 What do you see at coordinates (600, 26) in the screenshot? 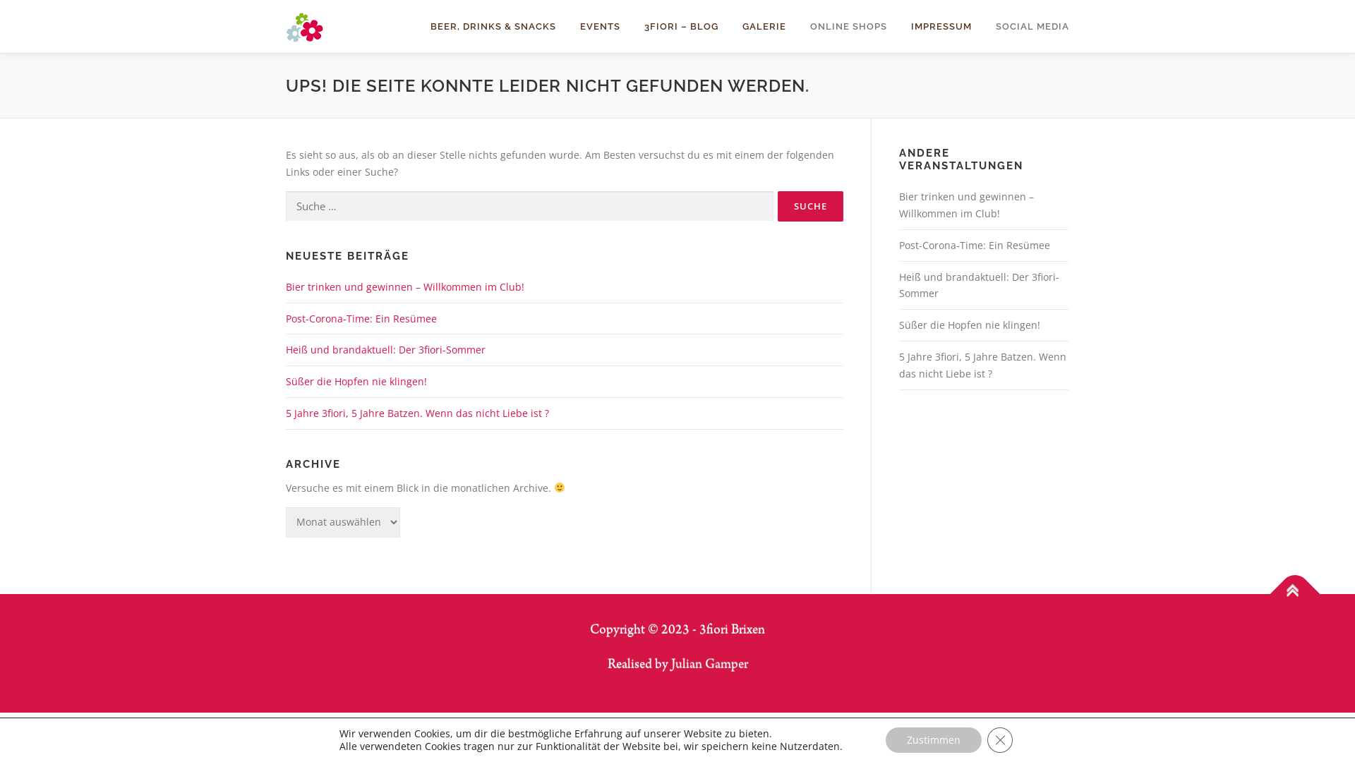
I see `'EVENTS'` at bounding box center [600, 26].